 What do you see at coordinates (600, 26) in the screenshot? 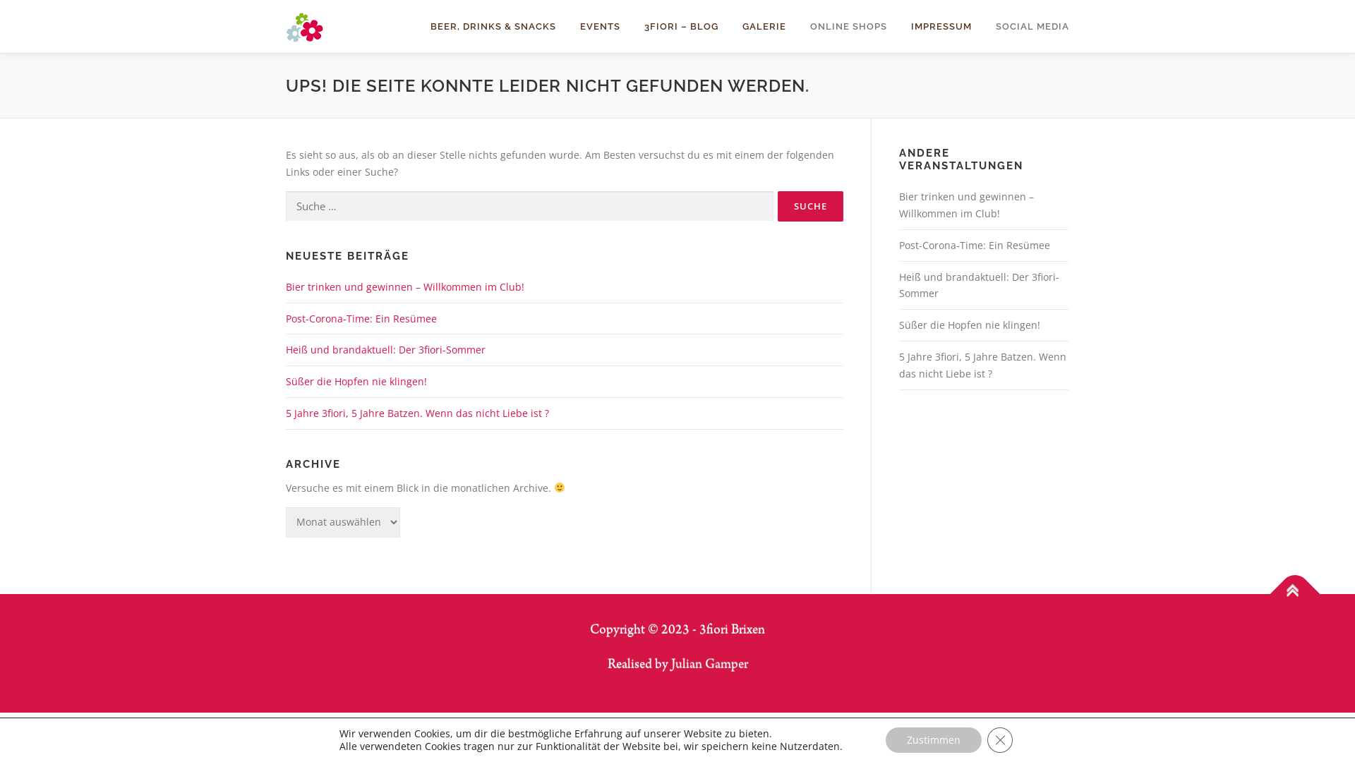
I see `'EVENTS'` at bounding box center [600, 26].